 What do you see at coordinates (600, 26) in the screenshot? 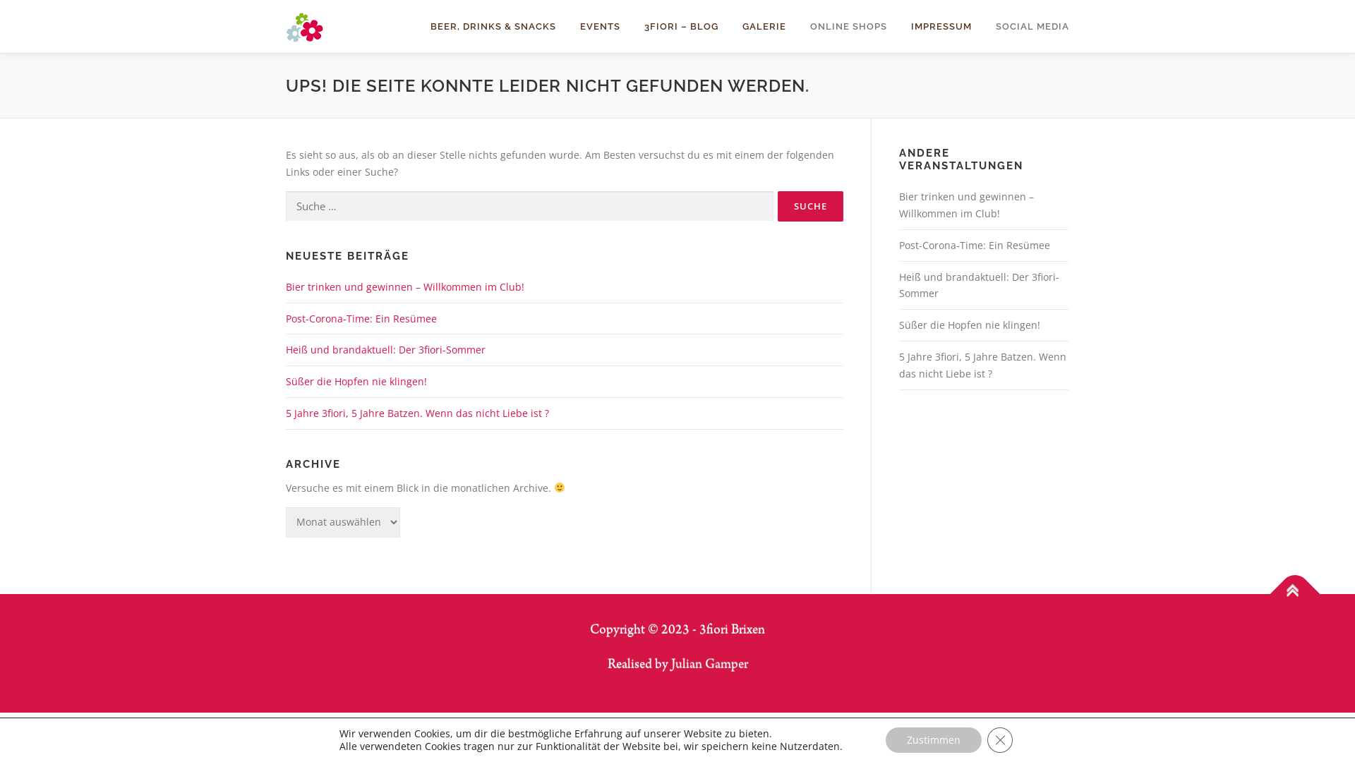
I see `'EVENTS'` at bounding box center [600, 26].